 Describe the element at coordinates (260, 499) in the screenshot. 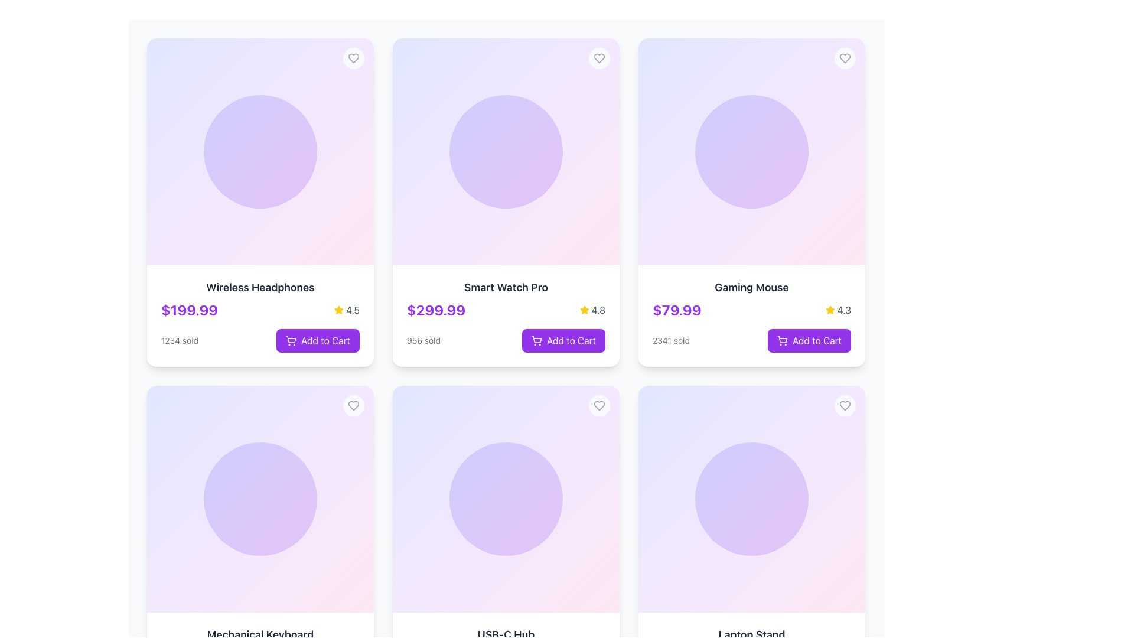

I see `the decorative background or image placeholder located in the second row and first column of the product grid for the 'Mechanical Keyboard', characterized by its square shape with a gradient from indigo to purple to pink and a circular feature in the middle` at that location.